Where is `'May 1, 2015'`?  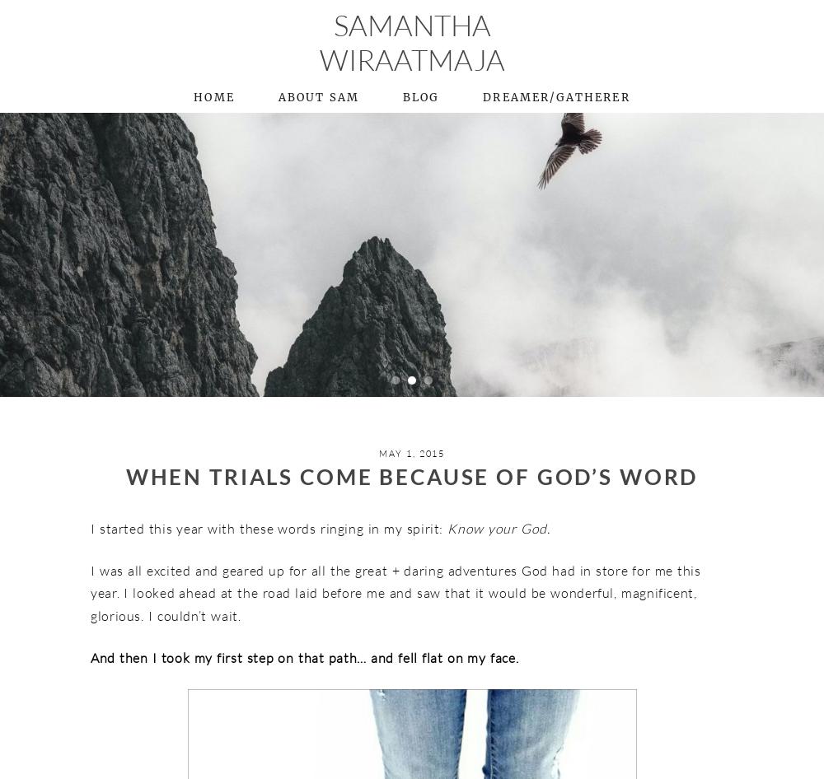 'May 1, 2015' is located at coordinates (378, 453).